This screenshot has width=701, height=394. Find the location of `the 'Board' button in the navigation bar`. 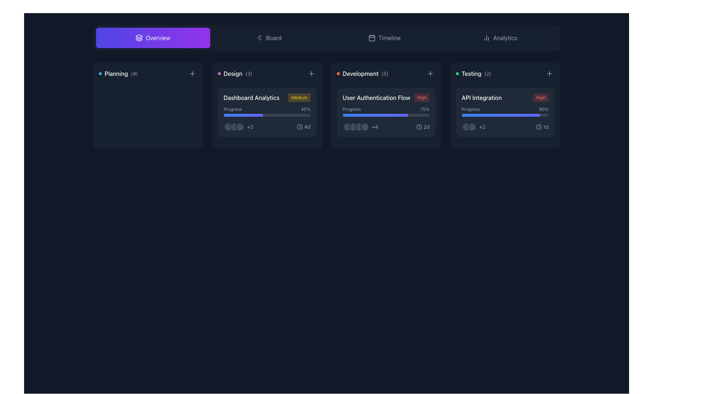

the 'Board' button in the navigation bar is located at coordinates (268, 38).